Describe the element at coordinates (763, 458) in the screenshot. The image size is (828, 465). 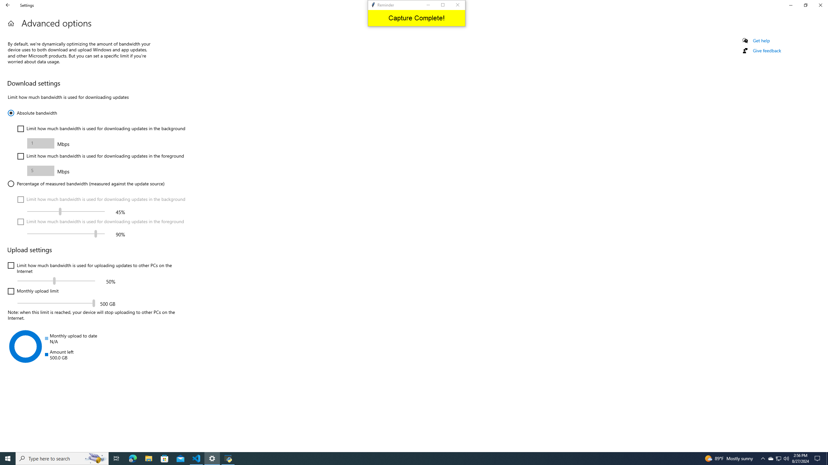
I see `'User Promoted Notification Area'` at that location.